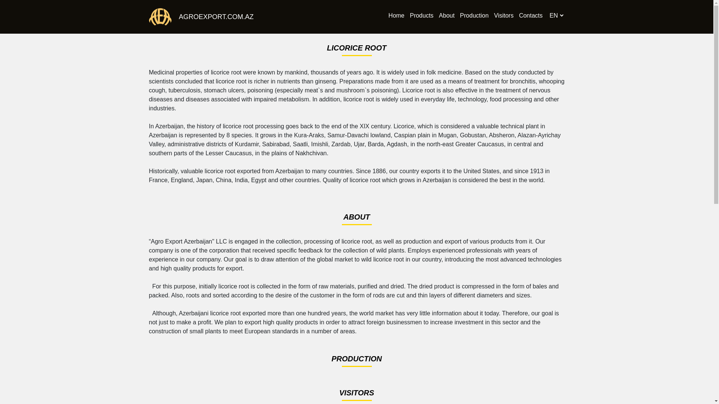  I want to click on 'Visitors', so click(494, 16).